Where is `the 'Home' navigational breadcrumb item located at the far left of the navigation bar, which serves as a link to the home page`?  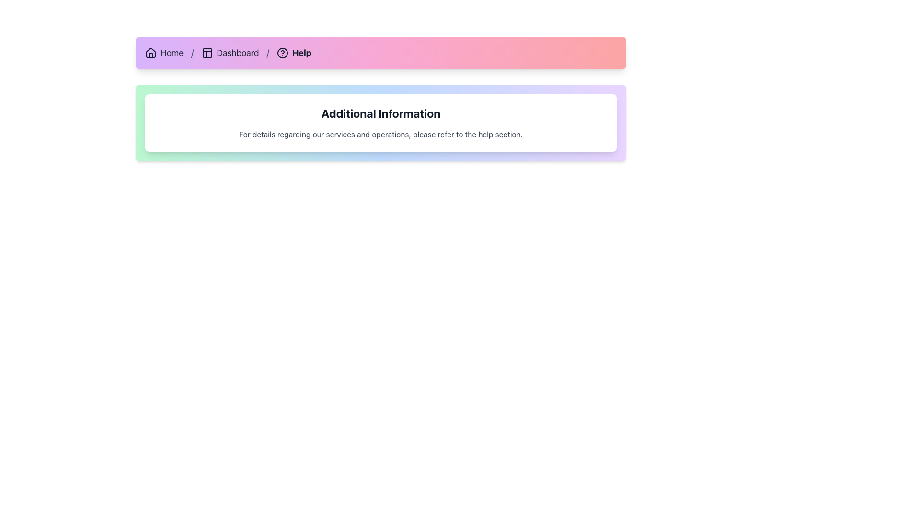 the 'Home' navigational breadcrumb item located at the far left of the navigation bar, which serves as a link to the home page is located at coordinates (164, 53).